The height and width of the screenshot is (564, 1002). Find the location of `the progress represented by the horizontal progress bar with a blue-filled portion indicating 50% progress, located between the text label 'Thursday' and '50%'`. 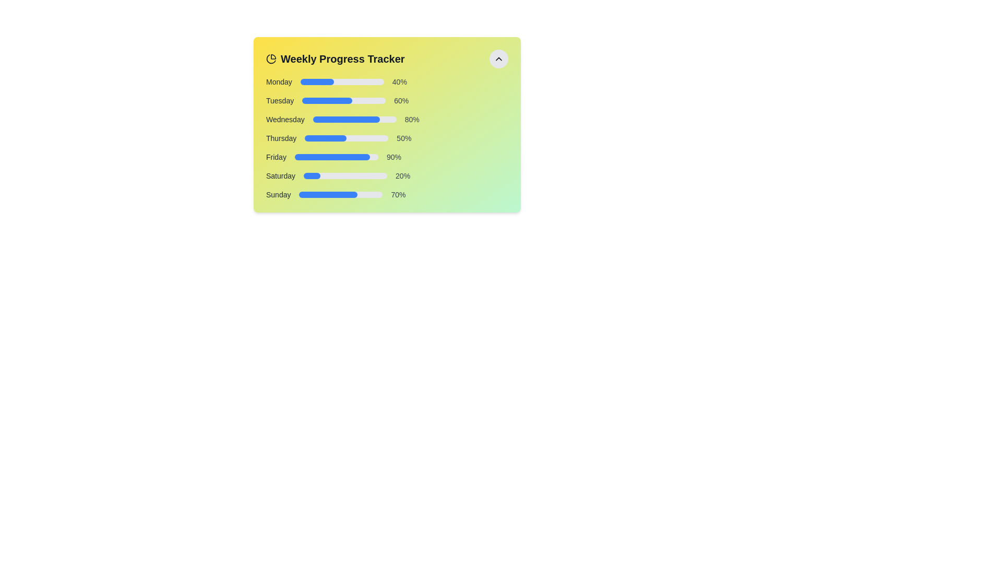

the progress represented by the horizontal progress bar with a blue-filled portion indicating 50% progress, located between the text label 'Thursday' and '50%' is located at coordinates (347, 138).